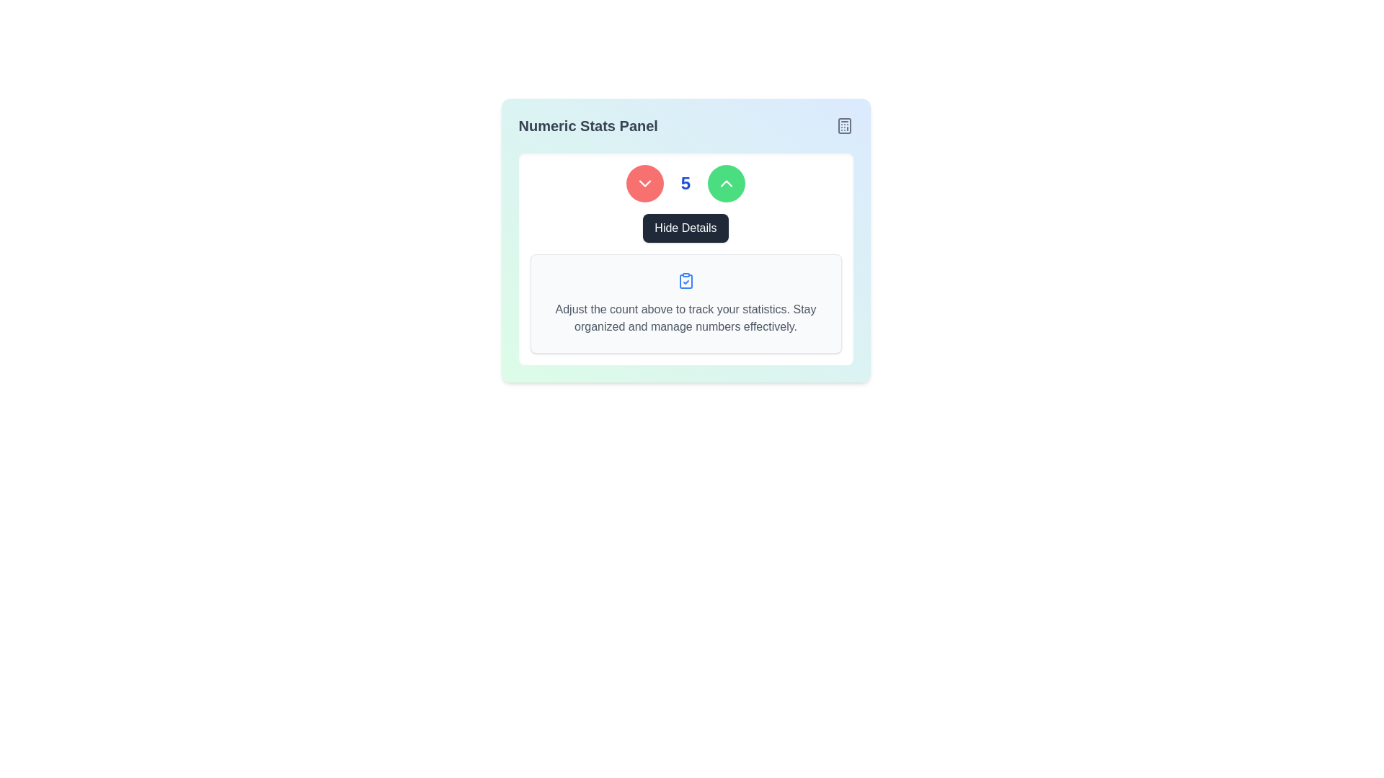  What do you see at coordinates (685, 182) in the screenshot?
I see `the numeric display showing the bold, blue-styled '5' to trigger tooltip or highlight effects` at bounding box center [685, 182].